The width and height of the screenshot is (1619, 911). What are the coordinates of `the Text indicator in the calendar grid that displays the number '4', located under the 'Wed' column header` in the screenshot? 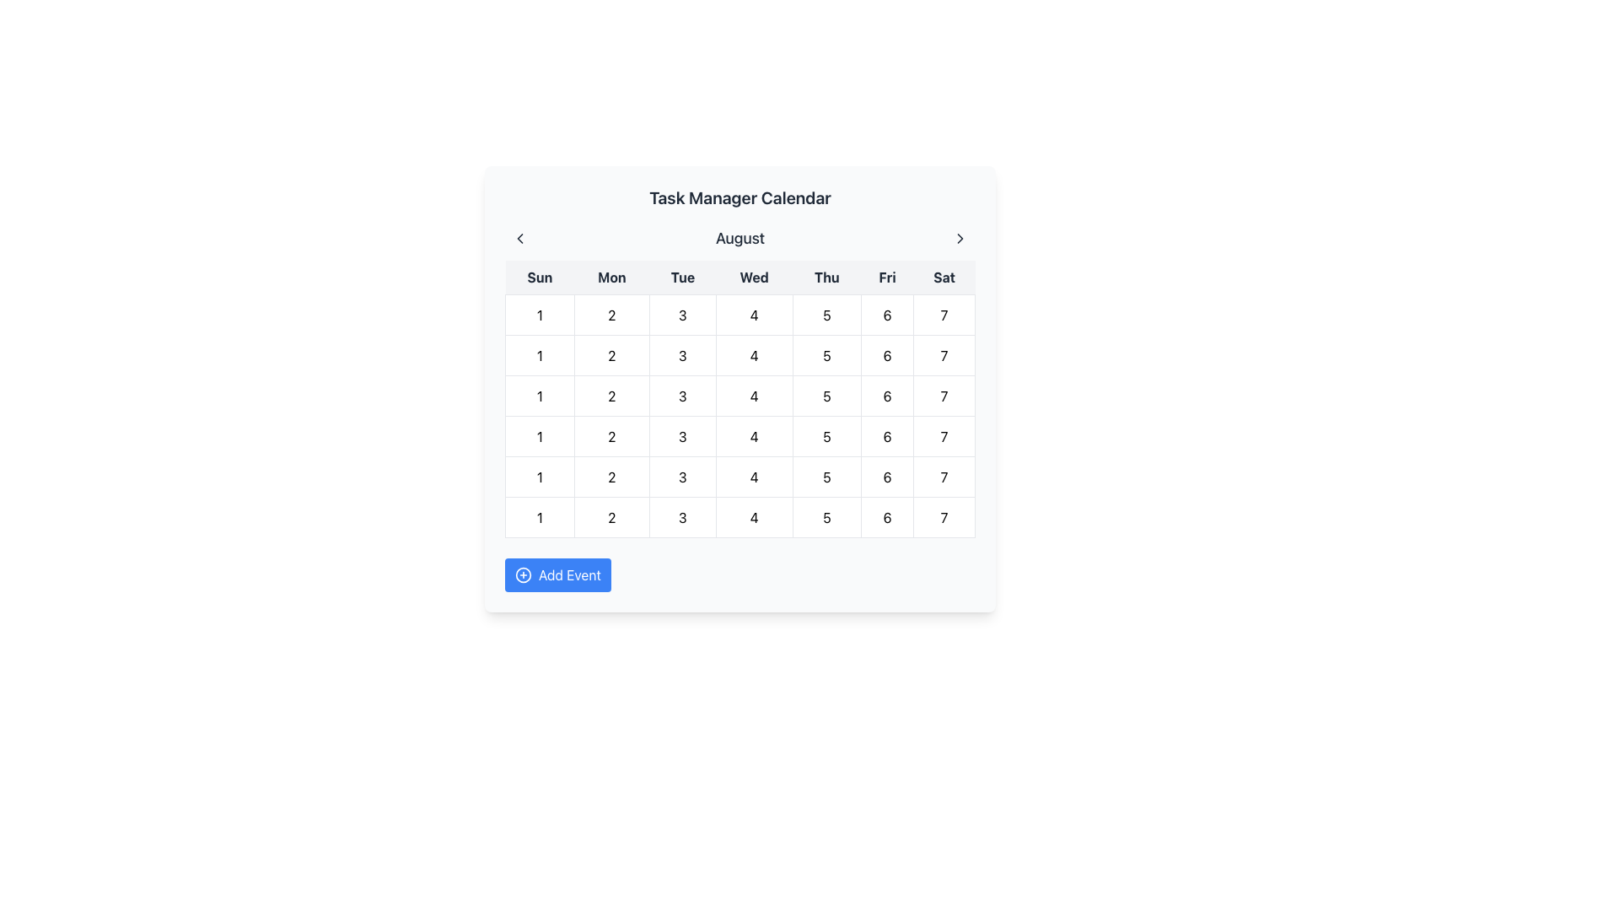 It's located at (753, 315).